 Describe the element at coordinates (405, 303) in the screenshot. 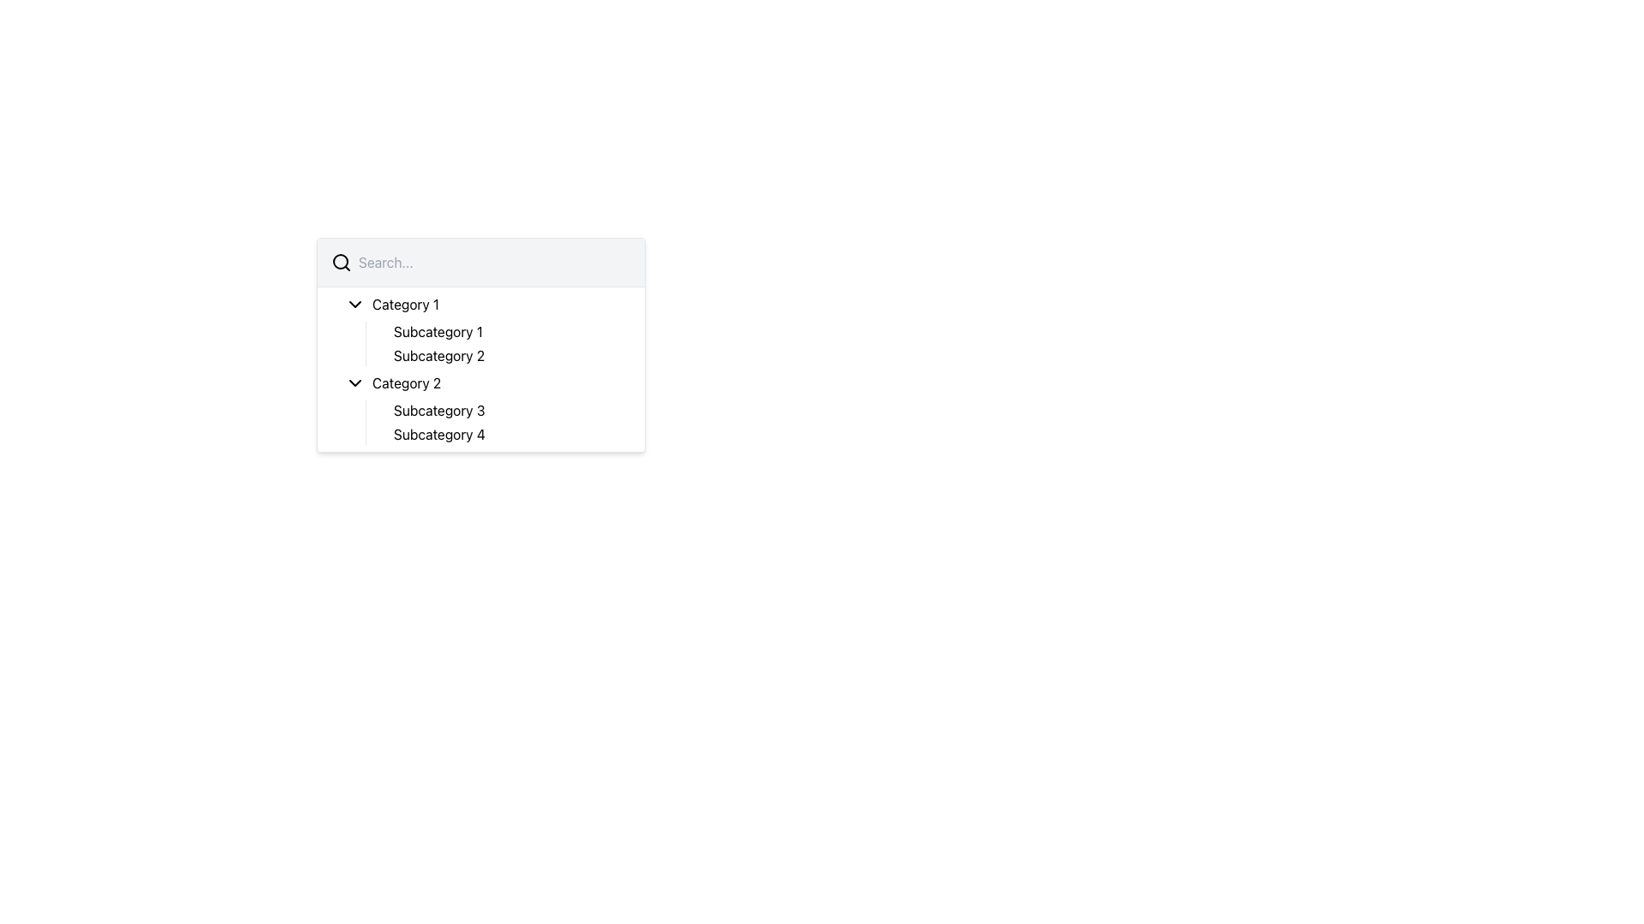

I see `the 'Category 1' text label` at that location.